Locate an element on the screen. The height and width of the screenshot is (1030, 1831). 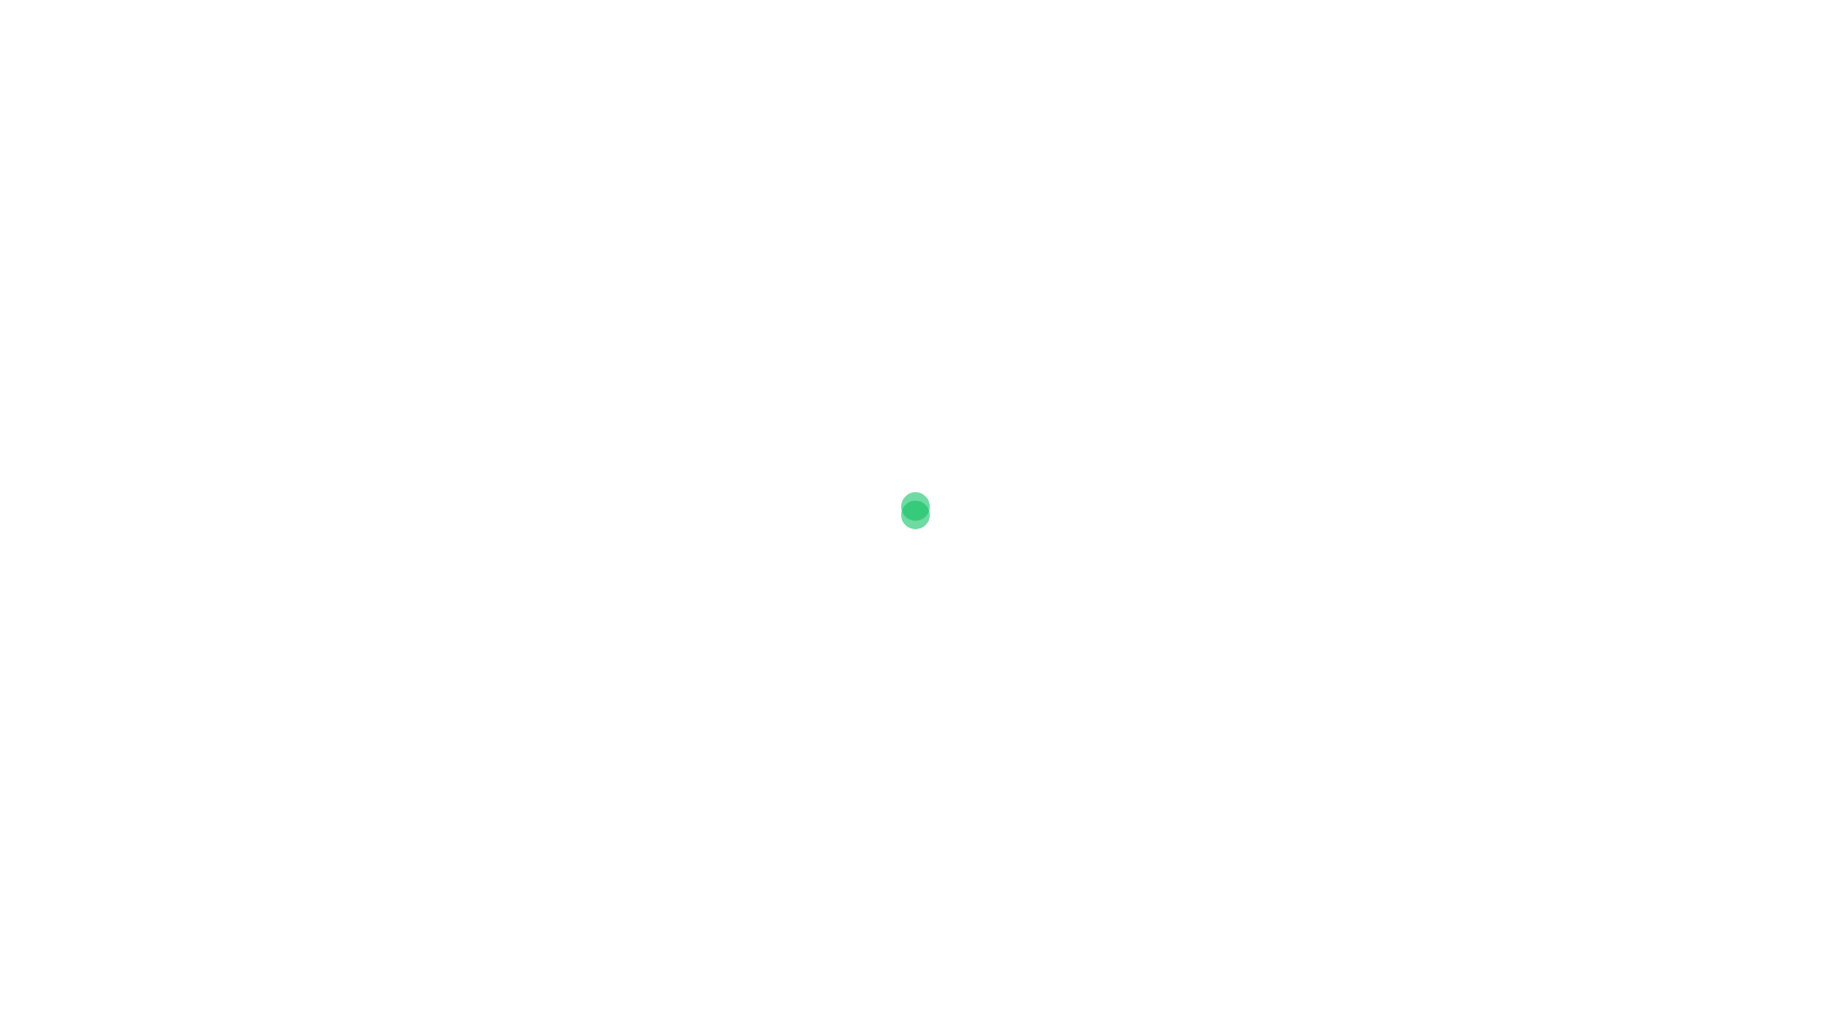
'Klimaattafel' is located at coordinates (543, 220).